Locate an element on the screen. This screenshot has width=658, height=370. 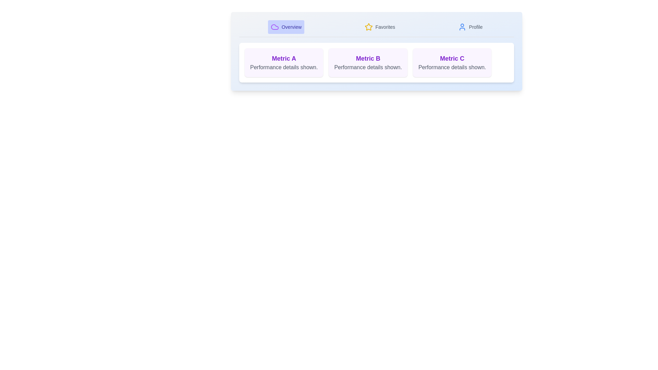
the card for Metric A to inspect its details is located at coordinates (284, 62).